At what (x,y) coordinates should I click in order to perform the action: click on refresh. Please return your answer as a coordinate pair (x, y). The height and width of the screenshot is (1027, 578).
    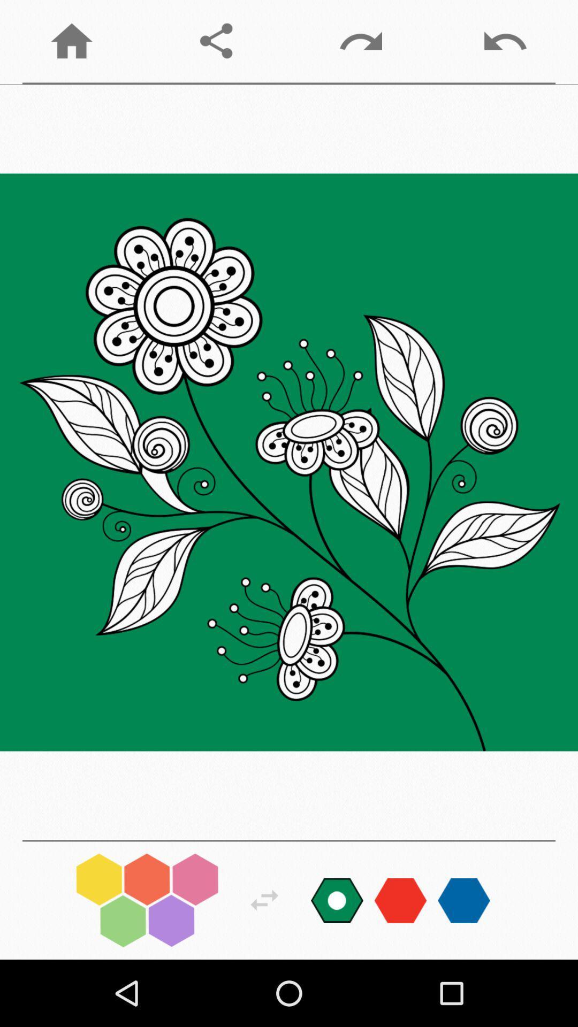
    Looking at the image, I should click on (264, 900).